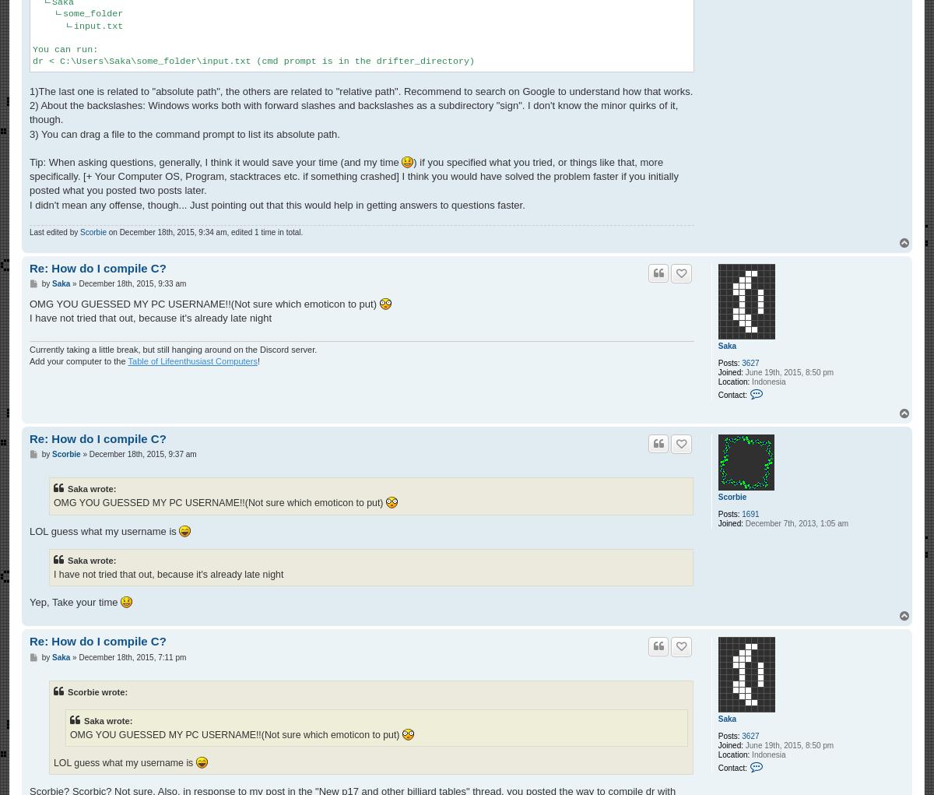  I want to click on 'December 7th, 2013, 1:05 am', so click(795, 522).